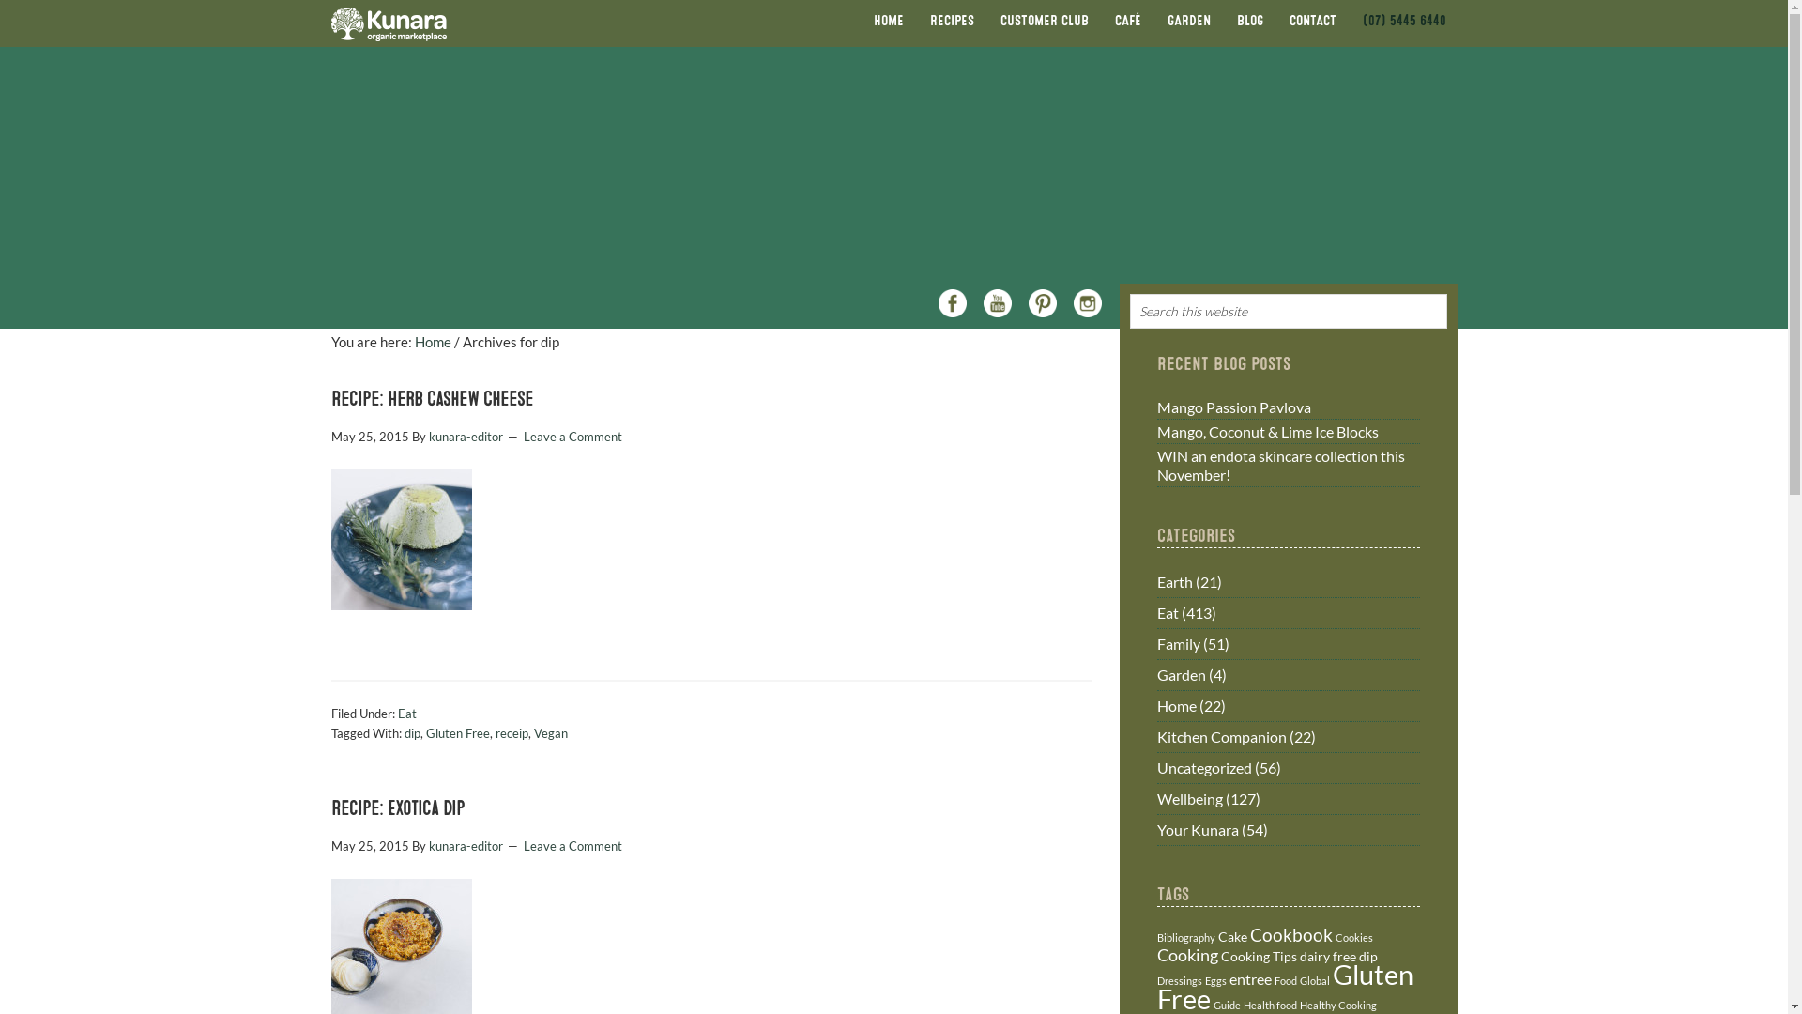  I want to click on 'Your Kunara', so click(1196, 828).